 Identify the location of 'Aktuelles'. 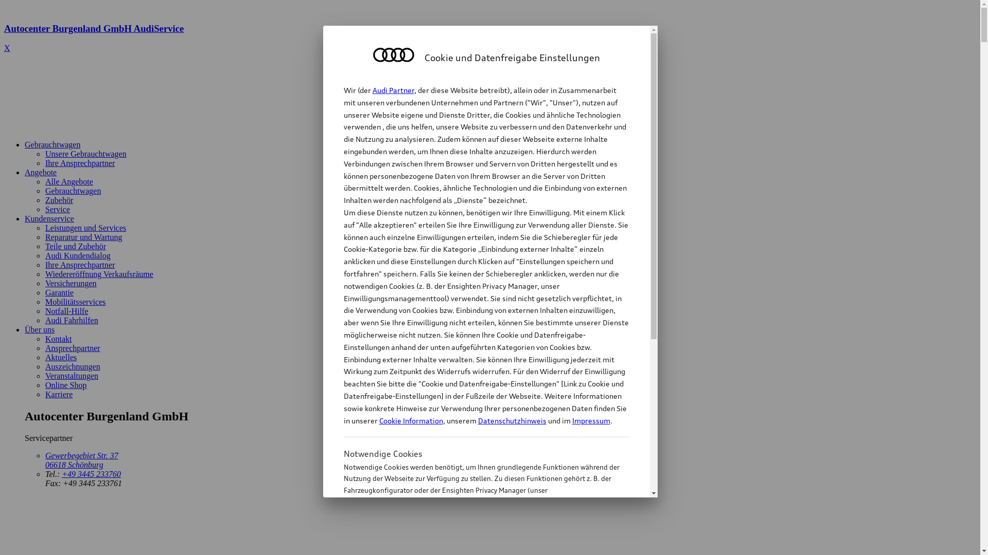
(60, 357).